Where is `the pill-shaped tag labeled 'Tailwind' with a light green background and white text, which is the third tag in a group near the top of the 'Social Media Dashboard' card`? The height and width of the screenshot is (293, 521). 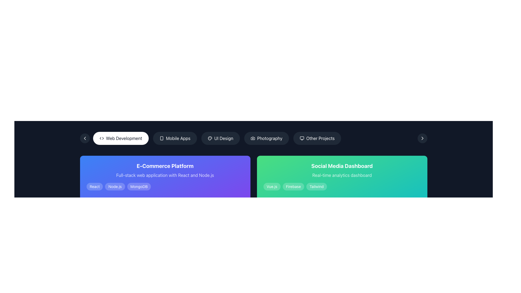
the pill-shaped tag labeled 'Tailwind' with a light green background and white text, which is the third tag in a group near the top of the 'Social Media Dashboard' card is located at coordinates (316, 186).